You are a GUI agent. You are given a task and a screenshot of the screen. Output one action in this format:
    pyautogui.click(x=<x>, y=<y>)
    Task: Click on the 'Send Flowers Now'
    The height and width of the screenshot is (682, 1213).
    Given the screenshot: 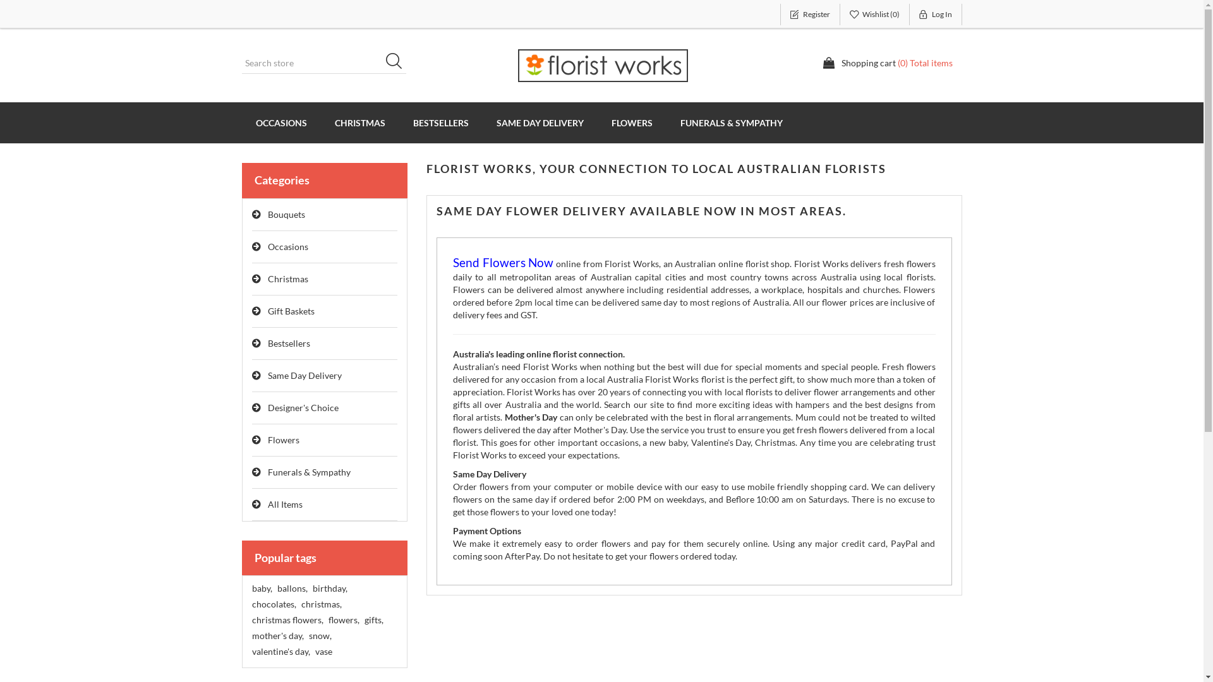 What is the action you would take?
    pyautogui.click(x=452, y=263)
    